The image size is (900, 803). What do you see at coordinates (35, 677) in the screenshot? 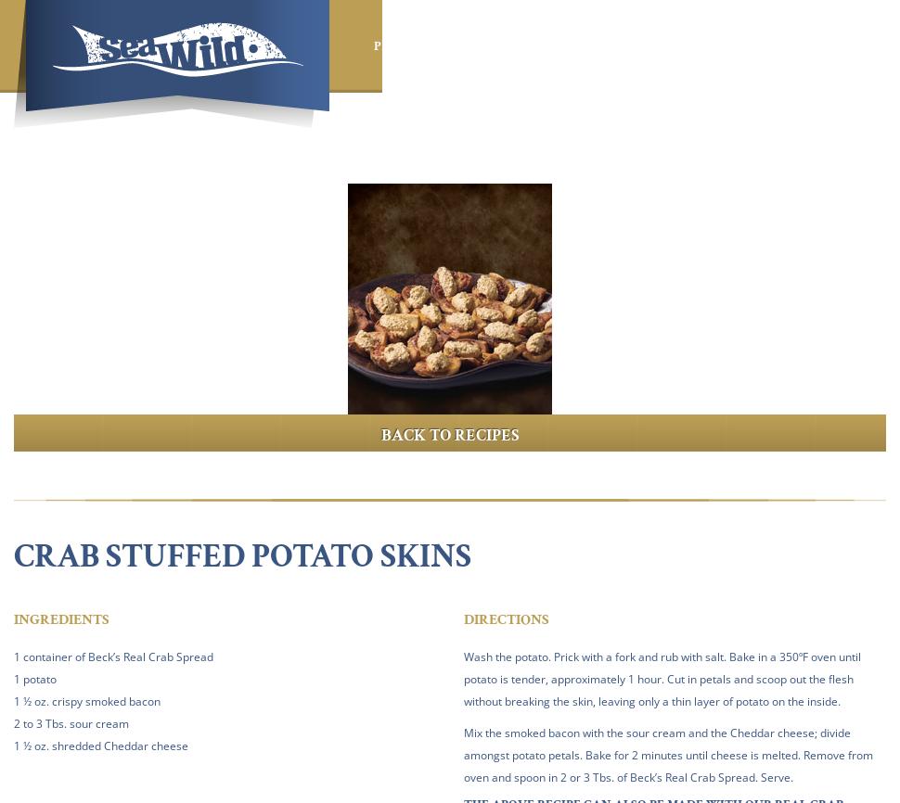
I see `'1 potato'` at bounding box center [35, 677].